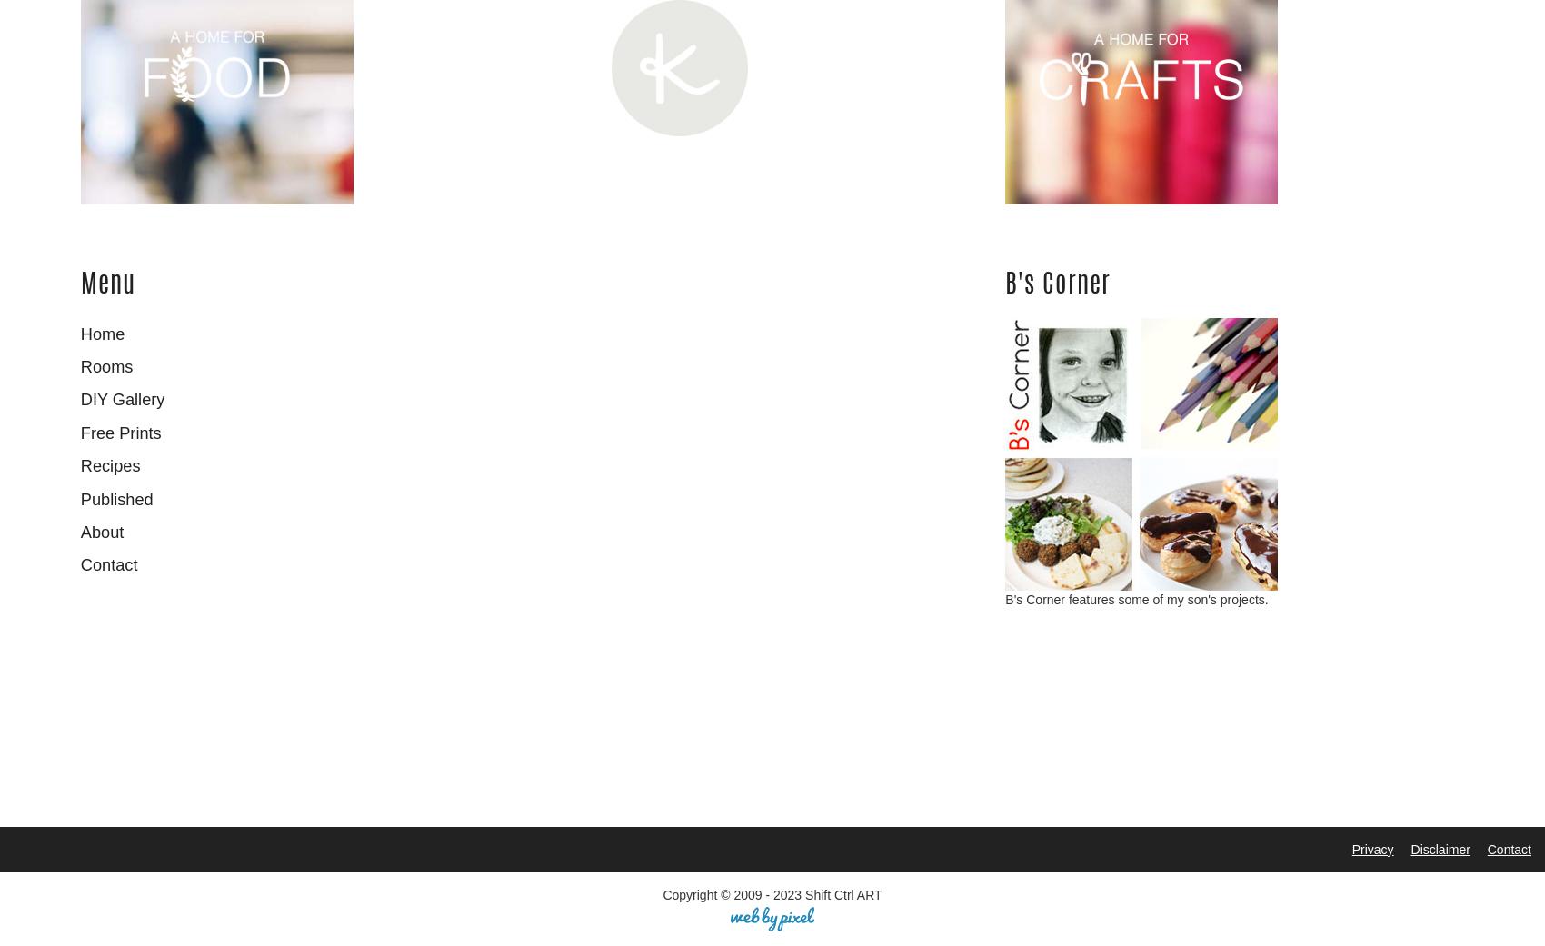 This screenshot has height=946, width=1545. Describe the element at coordinates (1440, 847) in the screenshot. I see `'Disclaimer'` at that location.